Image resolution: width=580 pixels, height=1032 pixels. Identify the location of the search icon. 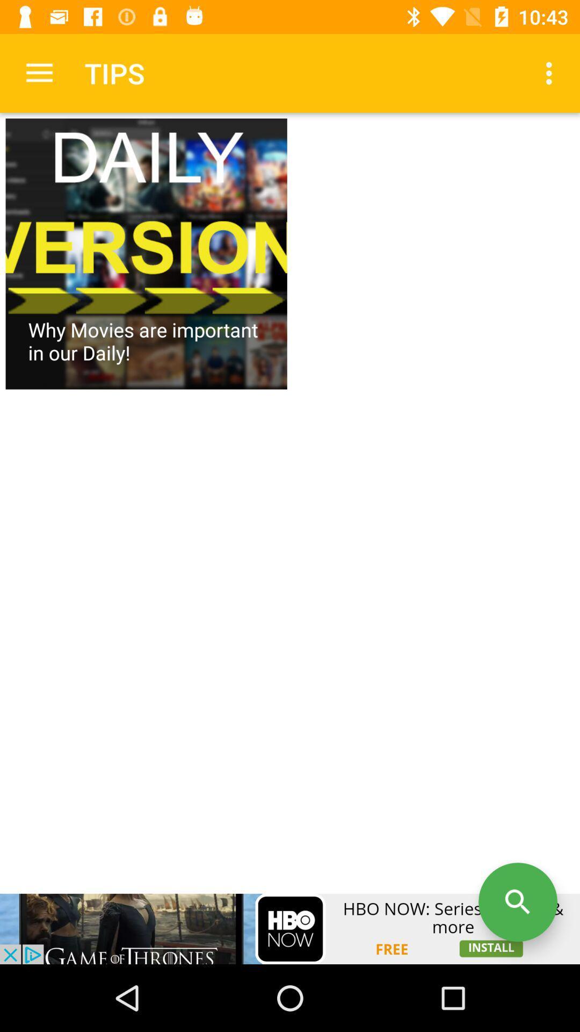
(517, 902).